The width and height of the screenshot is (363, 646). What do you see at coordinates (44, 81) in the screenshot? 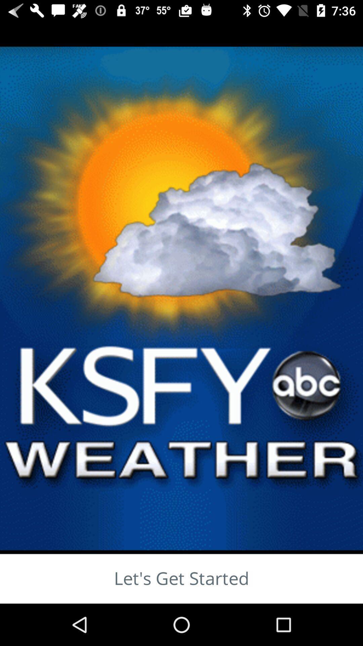
I see `the close icon` at bounding box center [44, 81].